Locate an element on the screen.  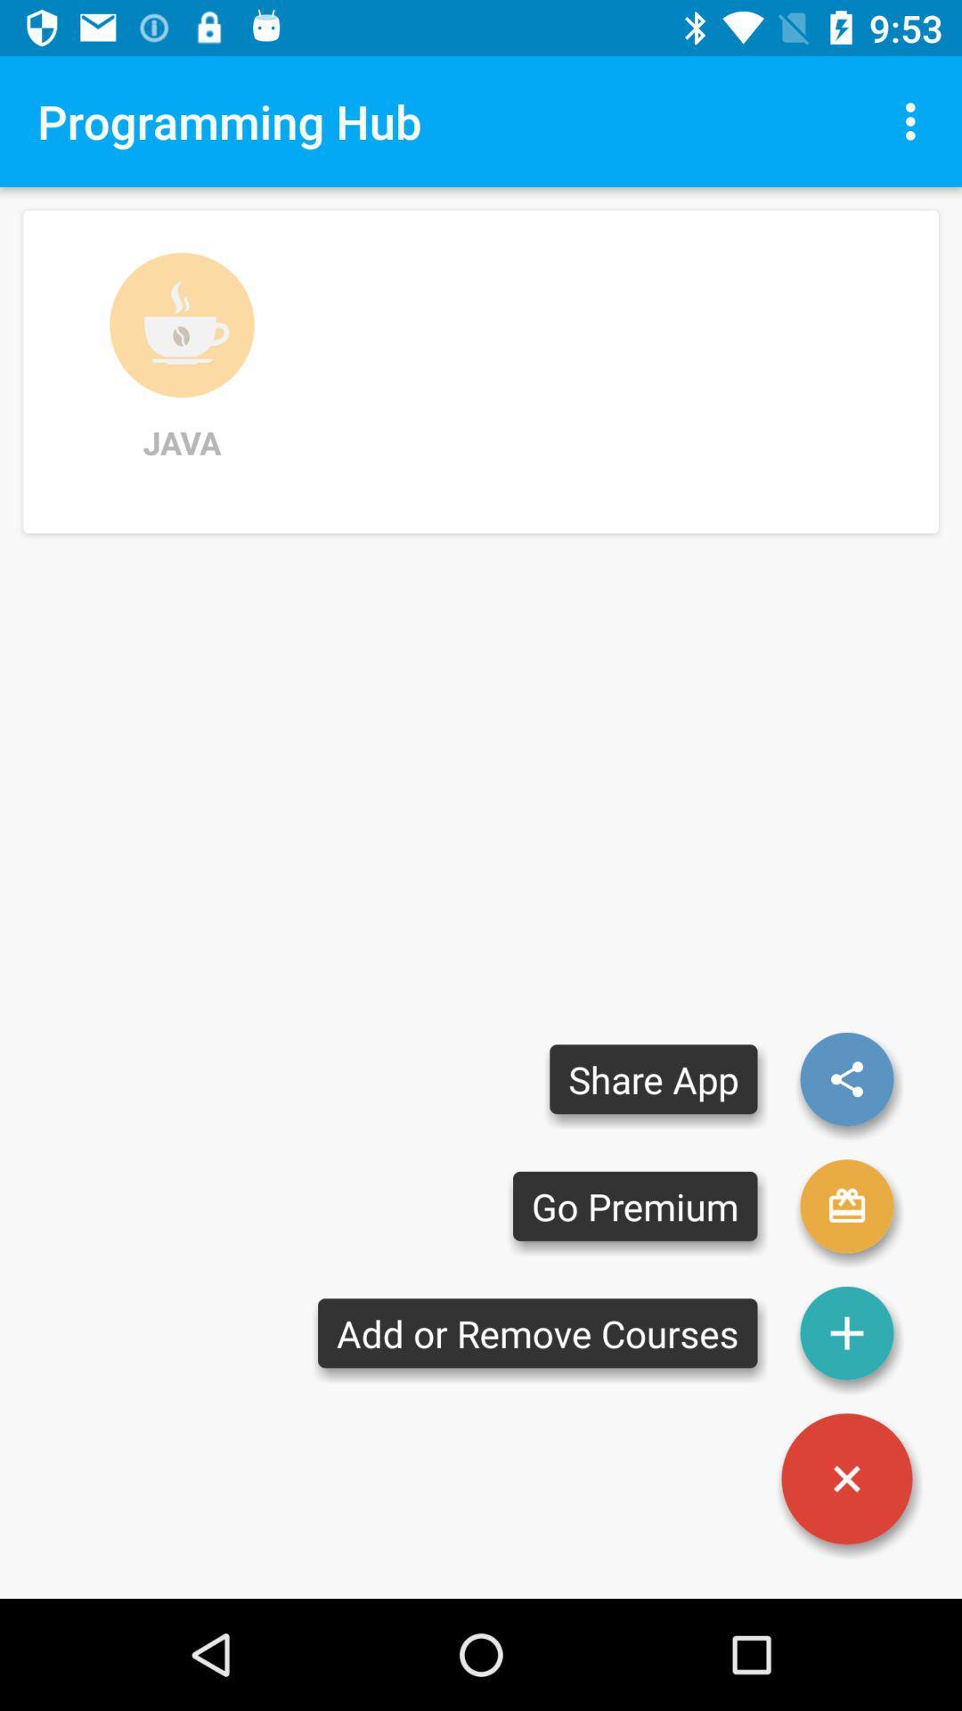
go premium is located at coordinates (846, 1206).